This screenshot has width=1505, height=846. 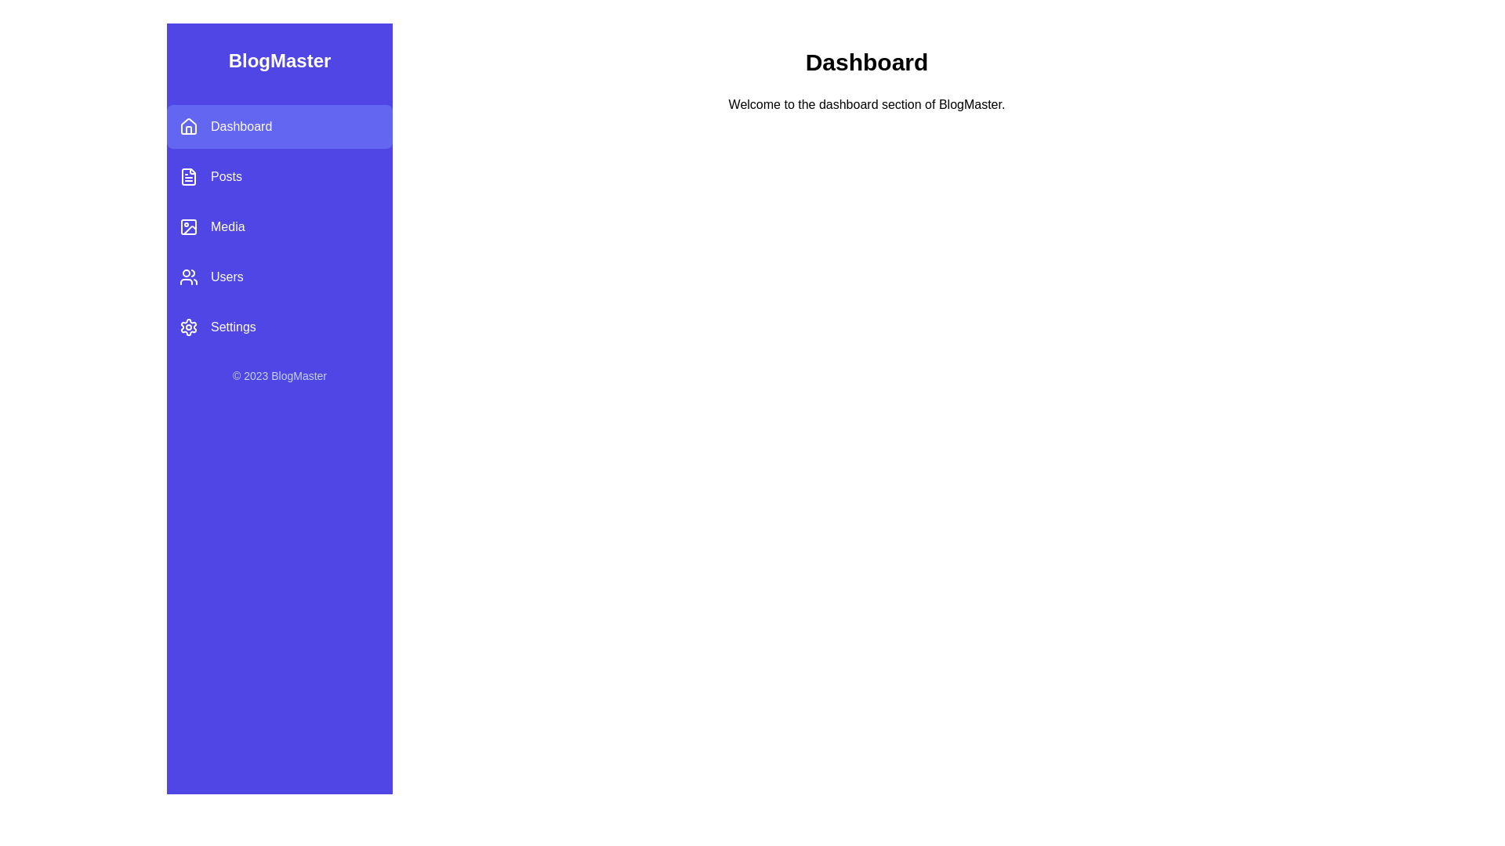 I want to click on the 'Dashboard' icon located in the sidebar menu, which visually represents the 'Dashboard' section and is positioned above the 'Posts' and 'Media' menu items, so click(x=188, y=126).